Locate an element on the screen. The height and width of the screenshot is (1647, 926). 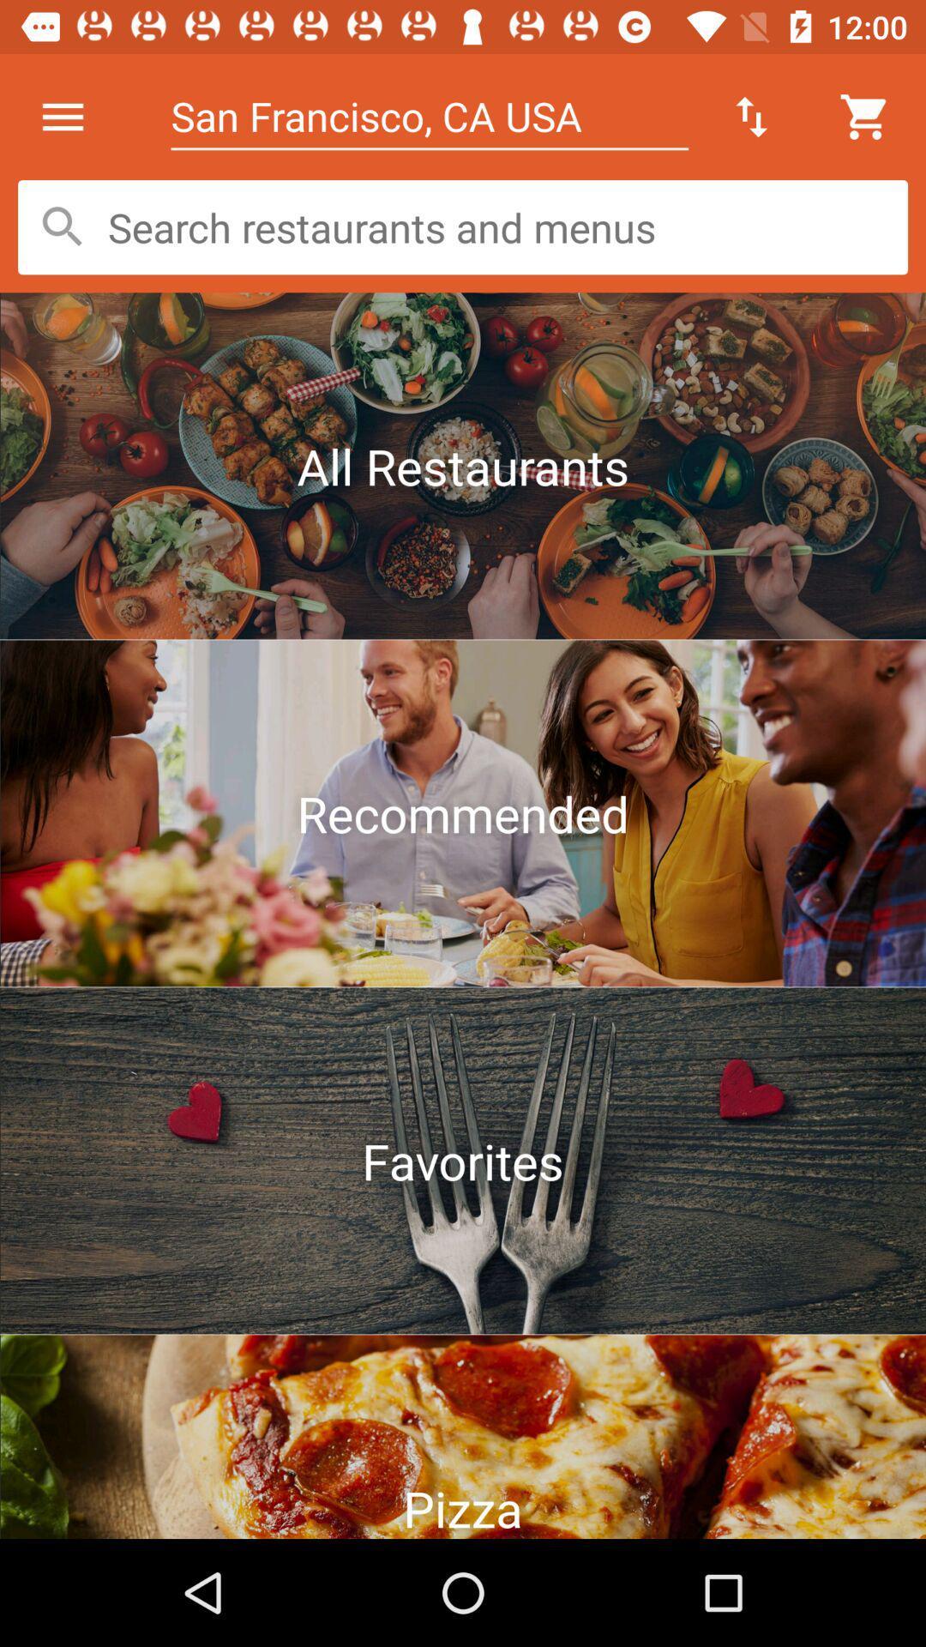
icon to the left of san francisco ca icon is located at coordinates (62, 116).